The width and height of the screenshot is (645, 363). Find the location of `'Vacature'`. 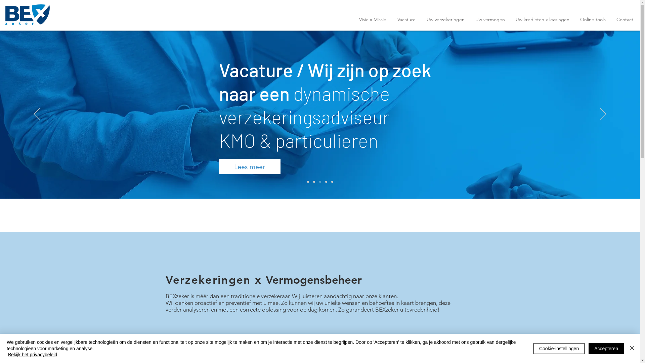

'Vacature' is located at coordinates (406, 19).